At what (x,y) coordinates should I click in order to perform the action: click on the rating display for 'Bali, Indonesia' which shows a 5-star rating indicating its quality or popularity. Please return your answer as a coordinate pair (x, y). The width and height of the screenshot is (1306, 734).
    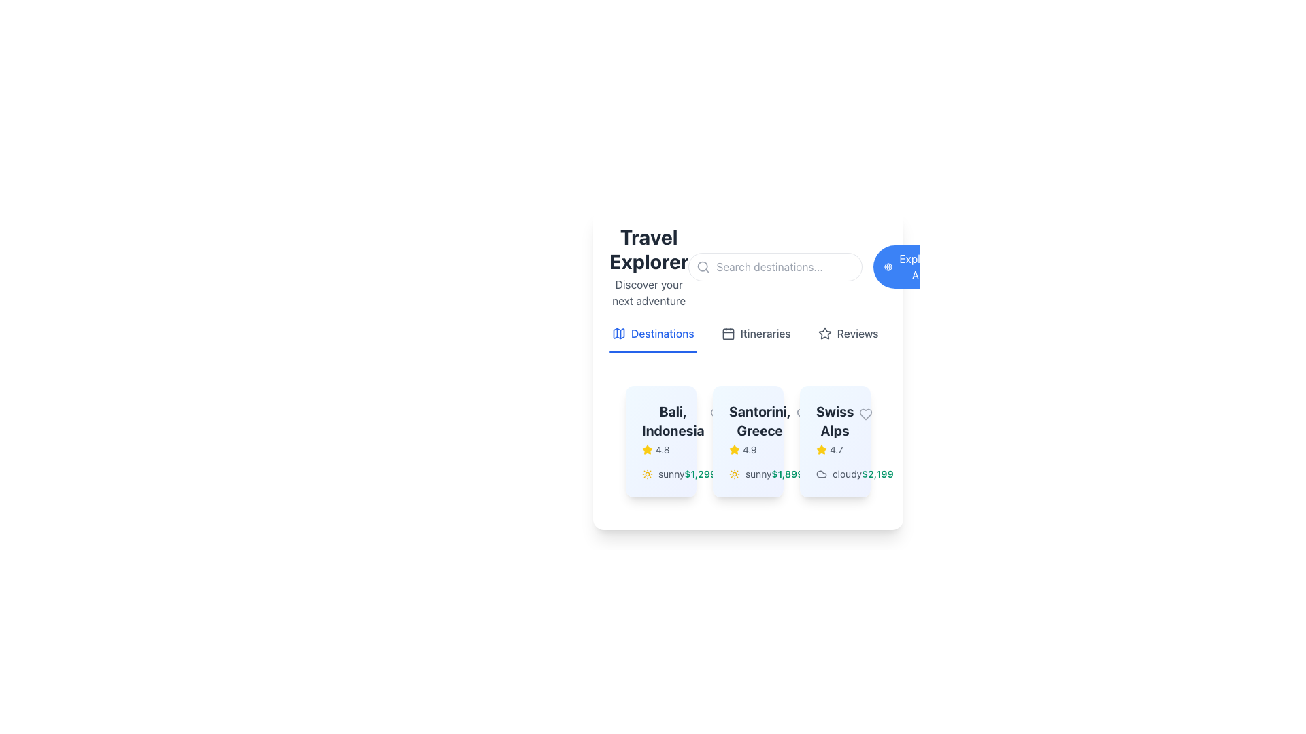
    Looking at the image, I should click on (673, 450).